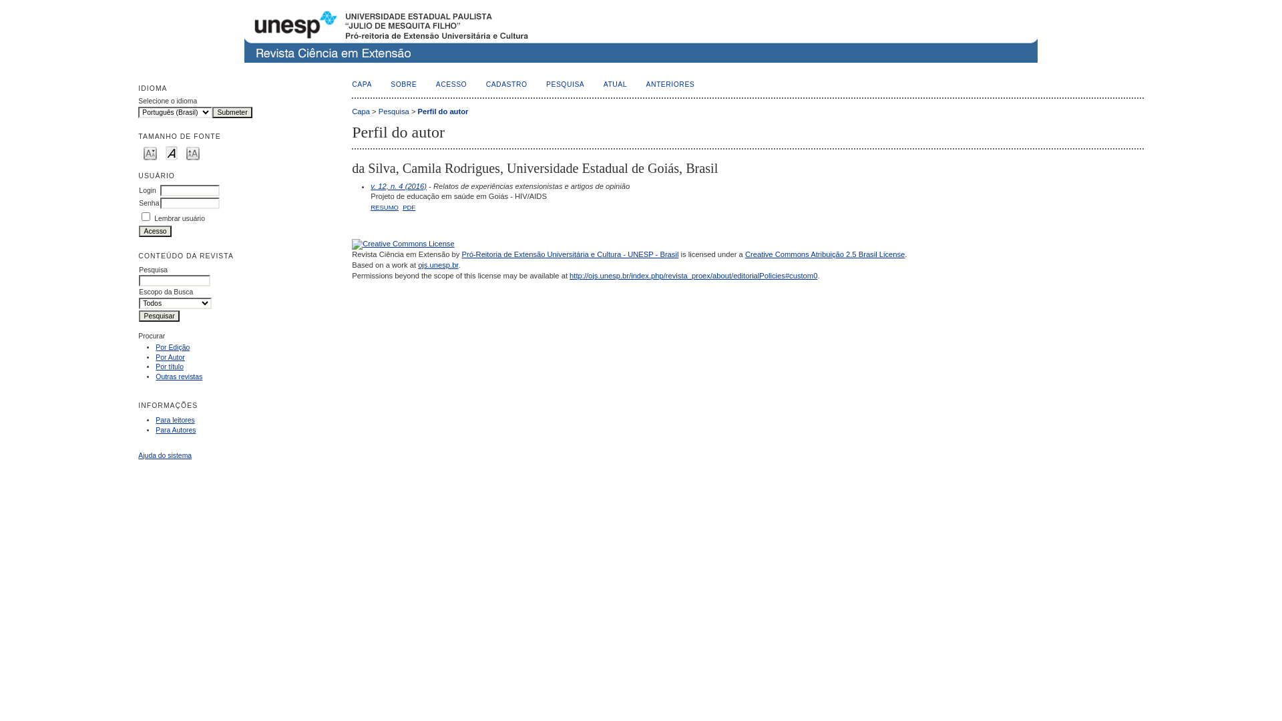 The width and height of the screenshot is (1282, 721). What do you see at coordinates (174, 419) in the screenshot?
I see `'Para leitores'` at bounding box center [174, 419].